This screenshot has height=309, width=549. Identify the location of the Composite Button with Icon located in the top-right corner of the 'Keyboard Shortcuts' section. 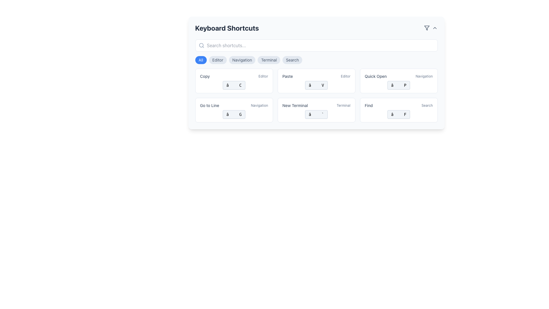
(431, 28).